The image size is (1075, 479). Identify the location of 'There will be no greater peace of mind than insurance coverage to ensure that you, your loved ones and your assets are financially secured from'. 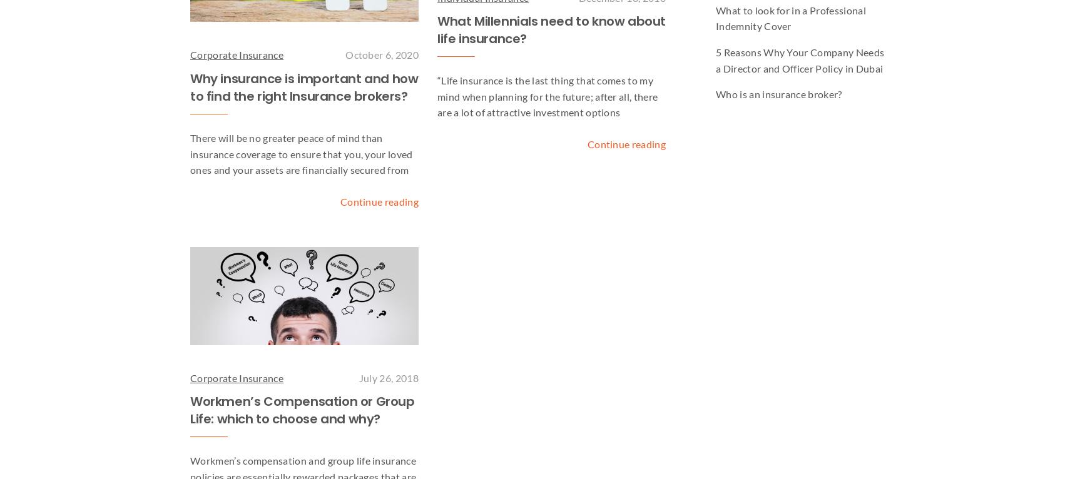
(301, 153).